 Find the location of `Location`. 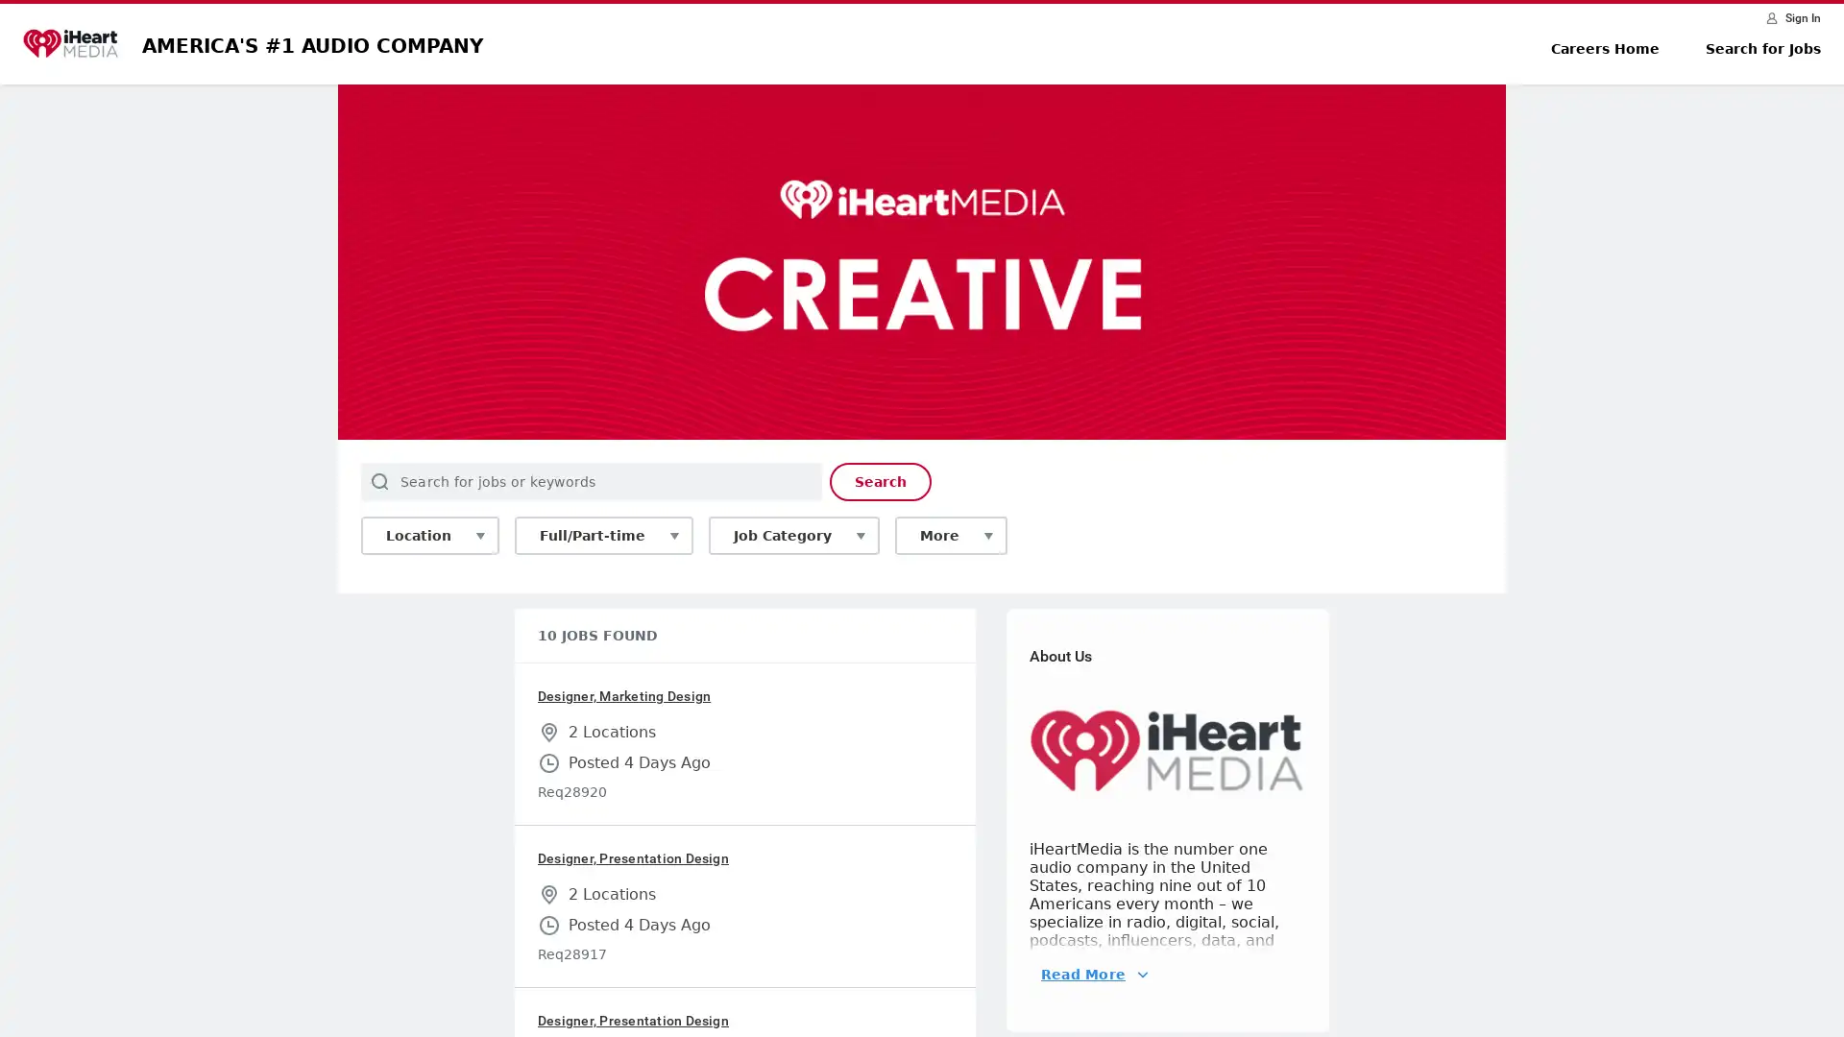

Location is located at coordinates (423, 536).